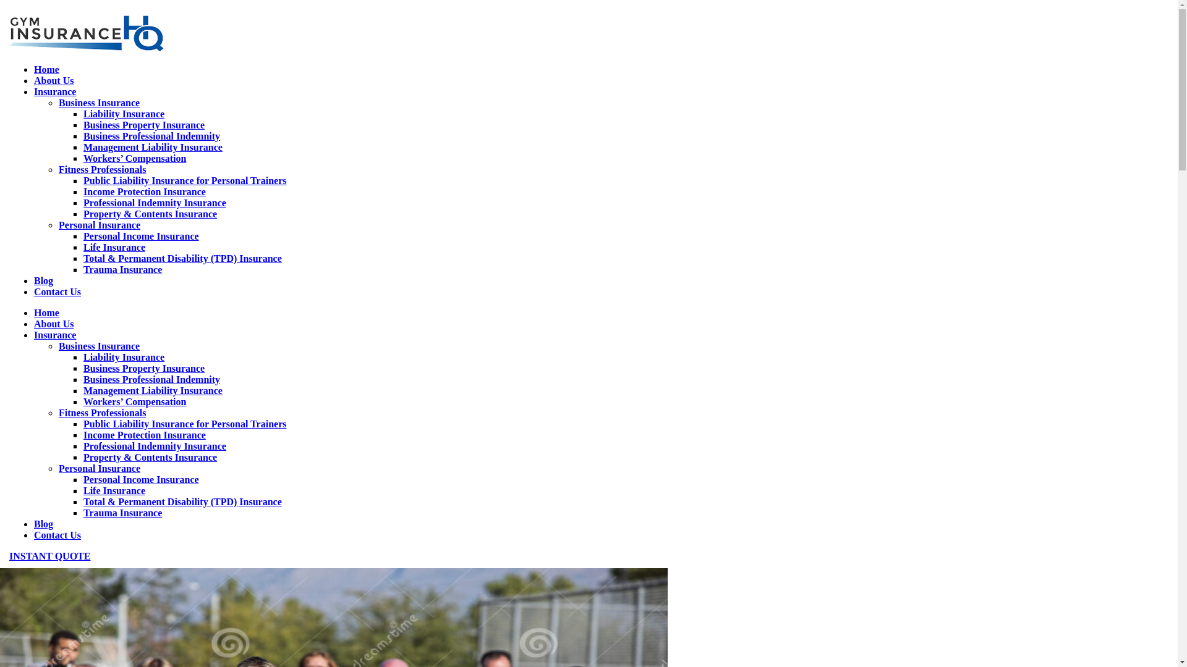 The height and width of the screenshot is (667, 1187). What do you see at coordinates (9, 556) in the screenshot?
I see `'INSTANT QUOTE'` at bounding box center [9, 556].